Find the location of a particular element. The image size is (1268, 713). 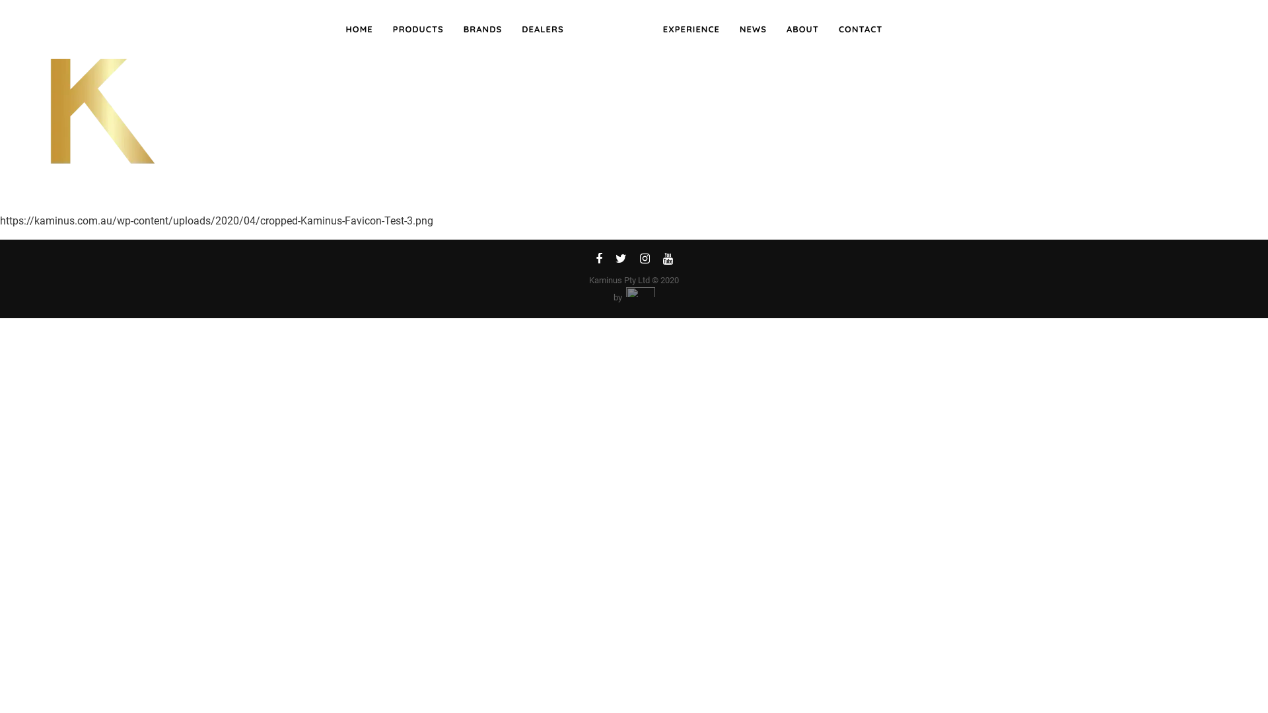

'BRANDS' is located at coordinates (453, 30).